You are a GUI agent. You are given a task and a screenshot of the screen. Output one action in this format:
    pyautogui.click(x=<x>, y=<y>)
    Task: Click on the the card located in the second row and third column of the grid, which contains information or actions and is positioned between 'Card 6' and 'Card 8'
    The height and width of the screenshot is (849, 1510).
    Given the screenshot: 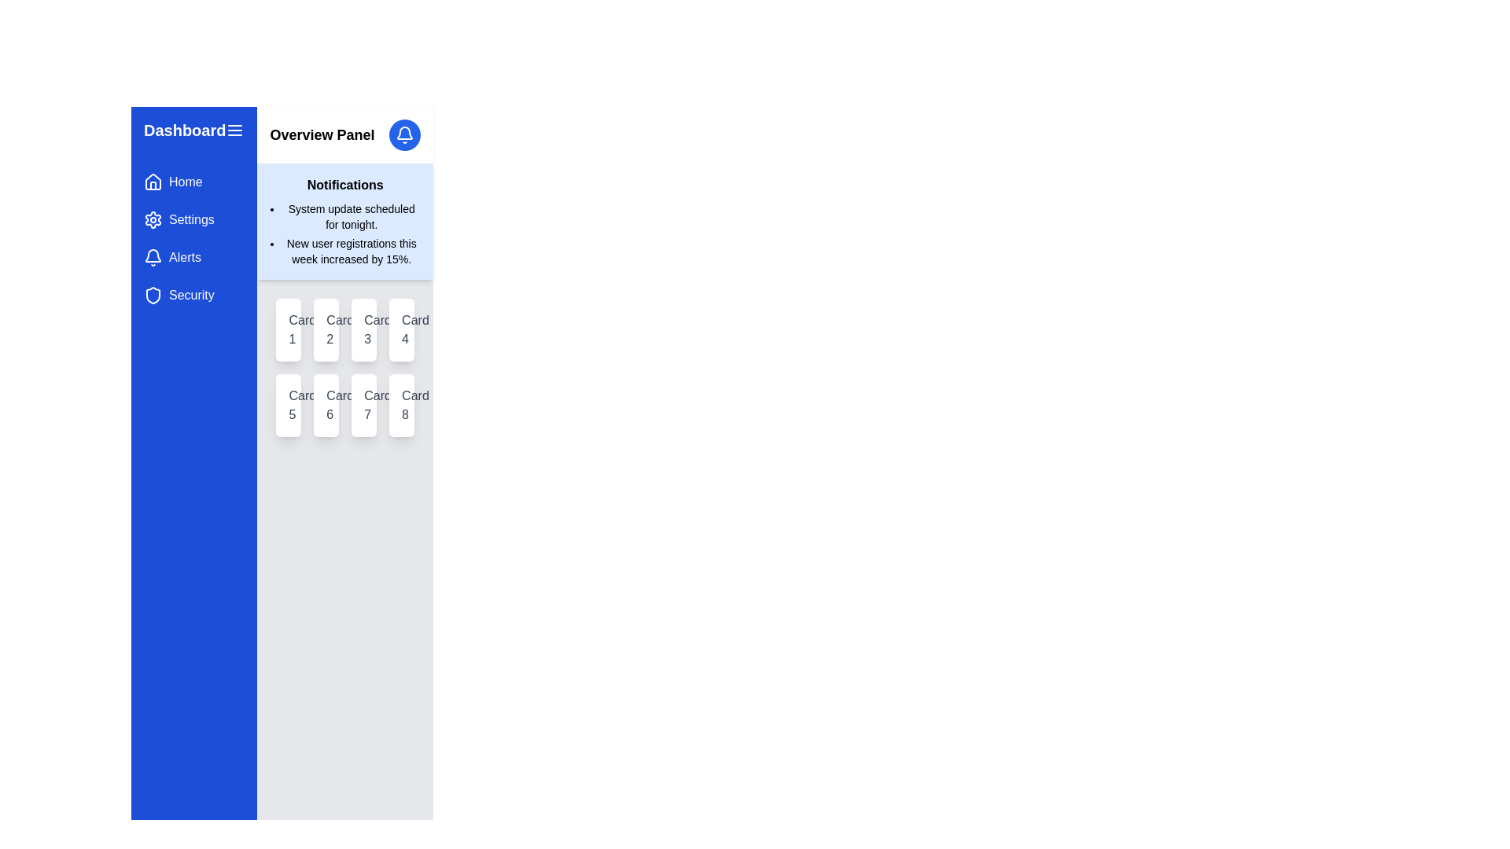 What is the action you would take?
    pyautogui.click(x=363, y=405)
    